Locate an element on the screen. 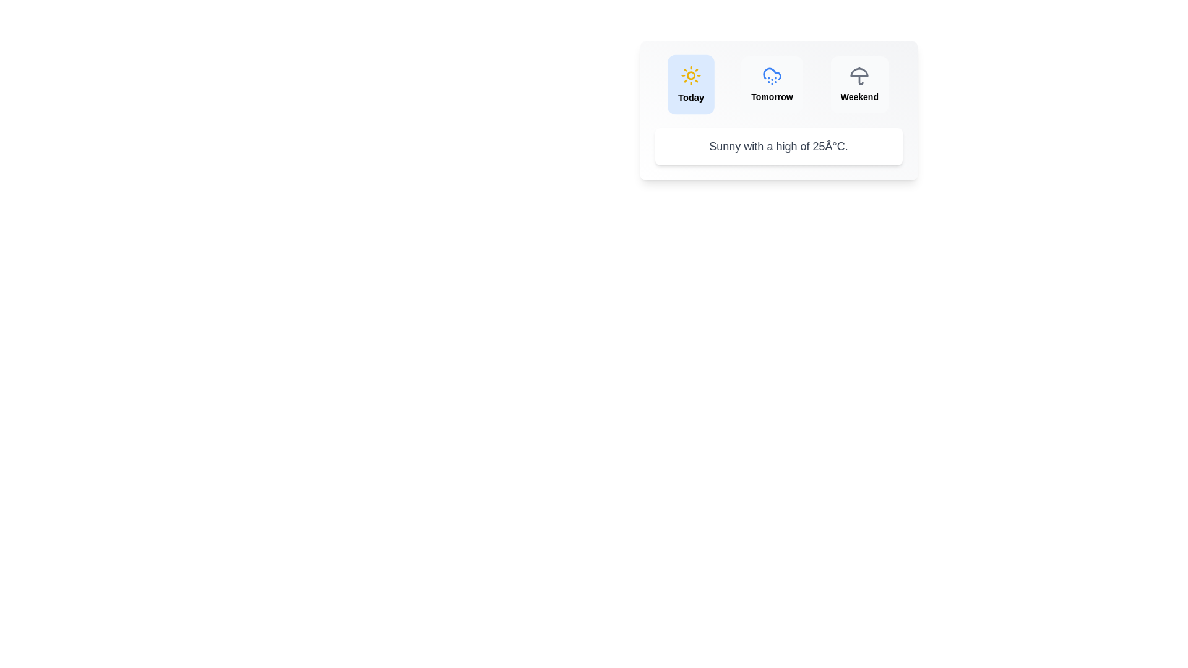 This screenshot has width=1188, height=668. the Weekend tab to view its weather forecast is located at coordinates (858, 84).